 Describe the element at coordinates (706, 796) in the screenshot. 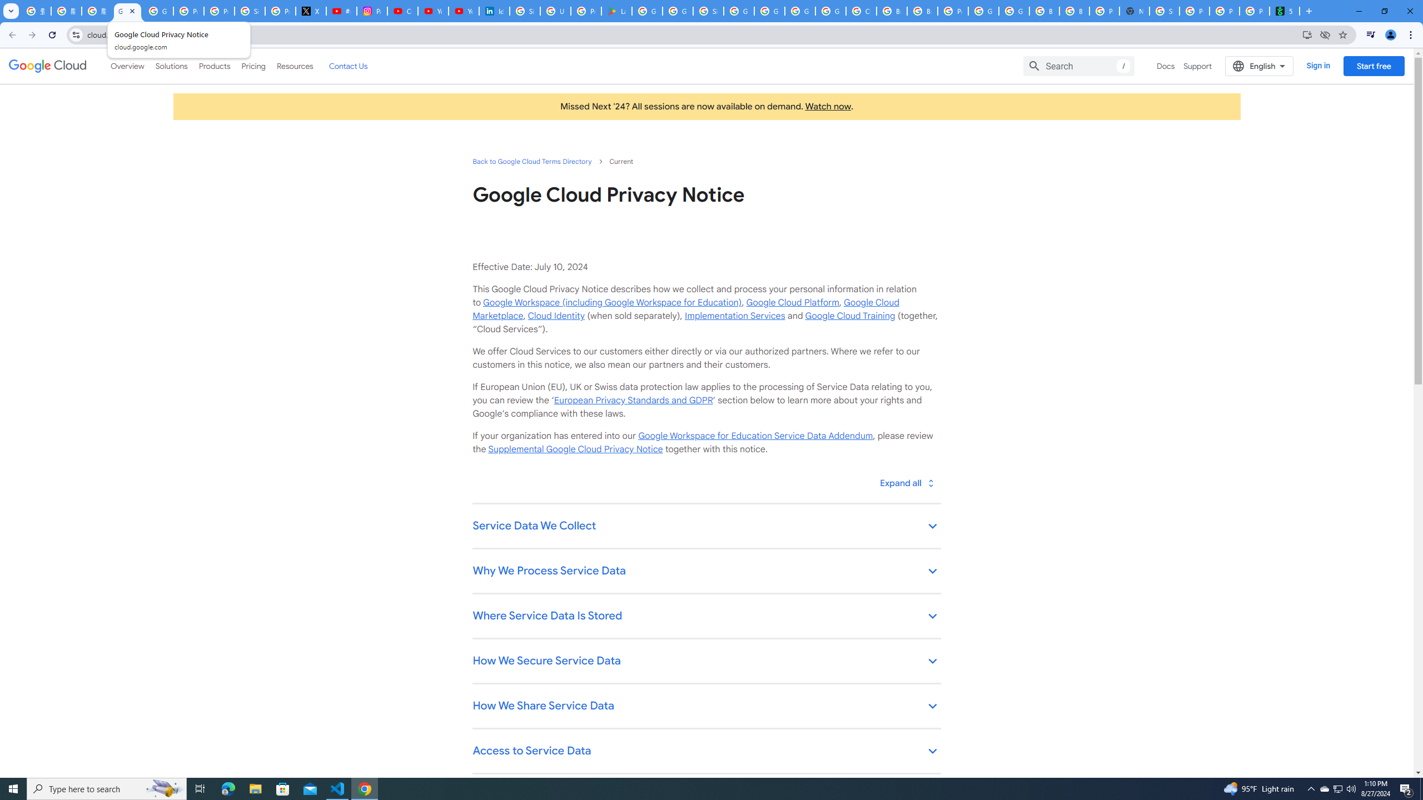

I see `'Retention and Deletion of Service Data keyboard_arrow_down'` at that location.